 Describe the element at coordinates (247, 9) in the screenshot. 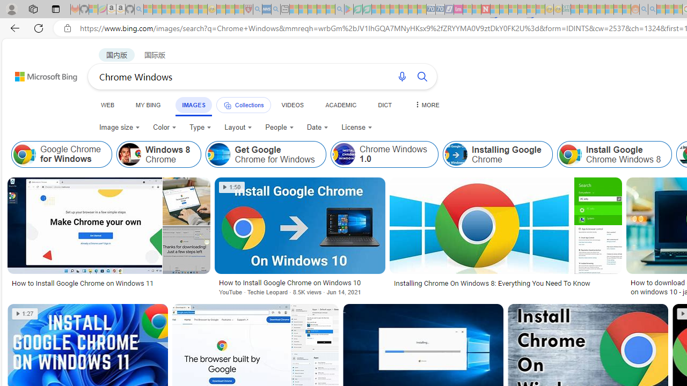

I see `'Robert H. Shmerling, MD - Harvard Health - Sleeping'` at that location.